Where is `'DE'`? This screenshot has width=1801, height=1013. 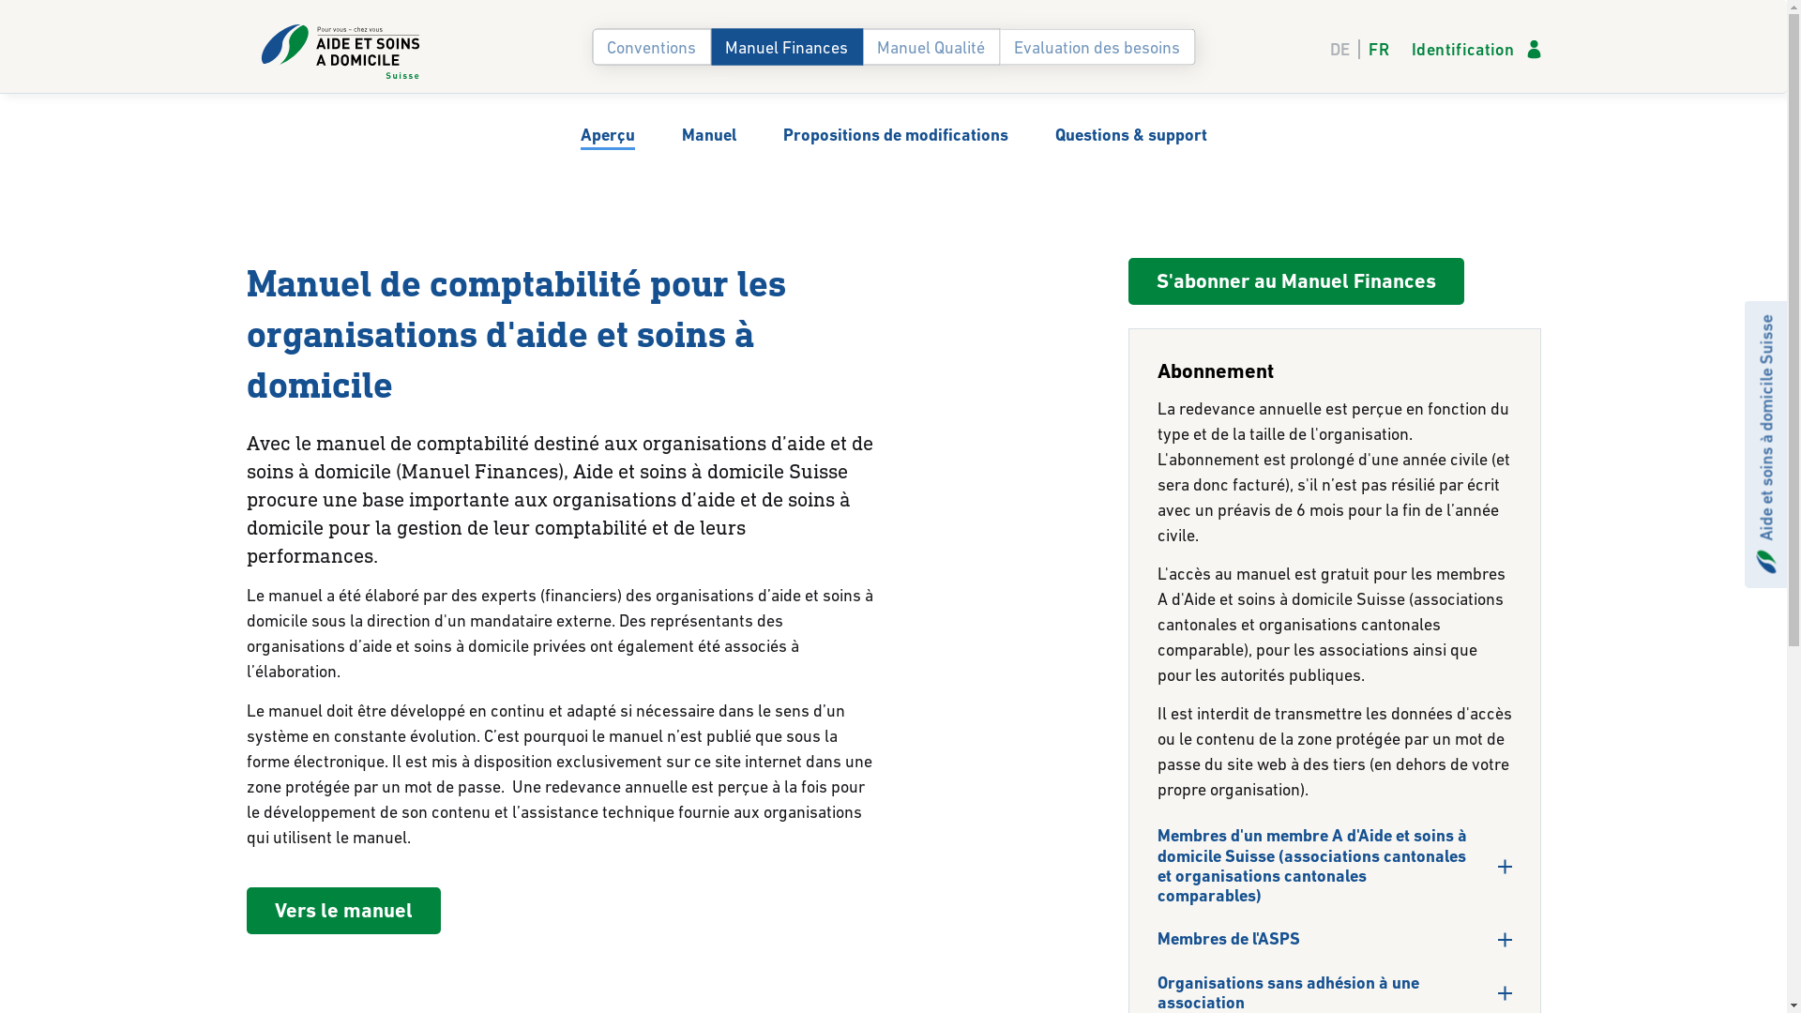 'DE' is located at coordinates (1344, 48).